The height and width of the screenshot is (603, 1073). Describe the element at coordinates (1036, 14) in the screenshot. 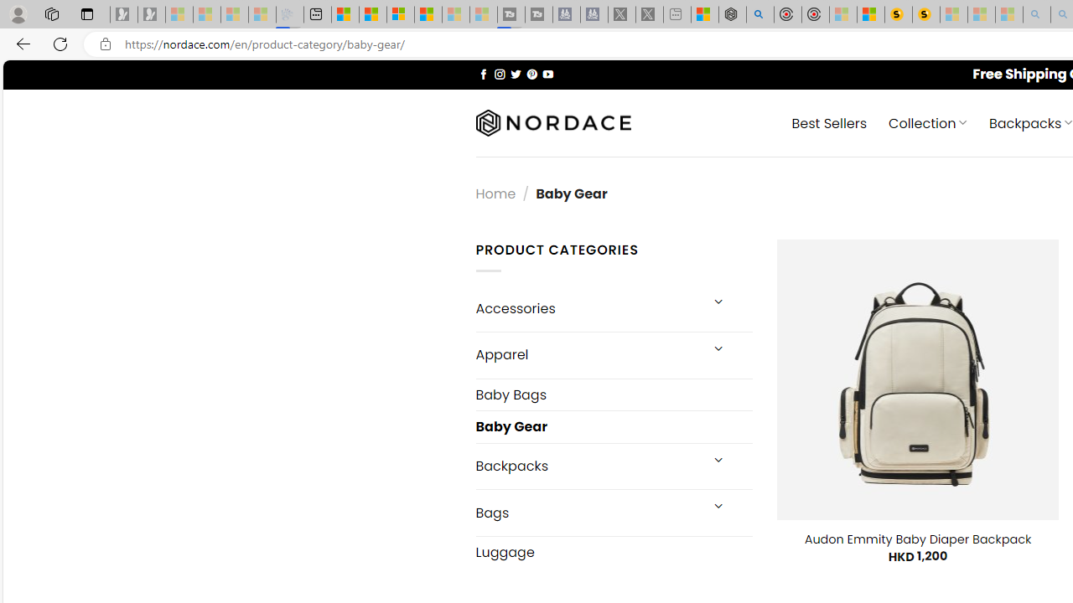

I see `'amazon - Search - Sleeping'` at that location.